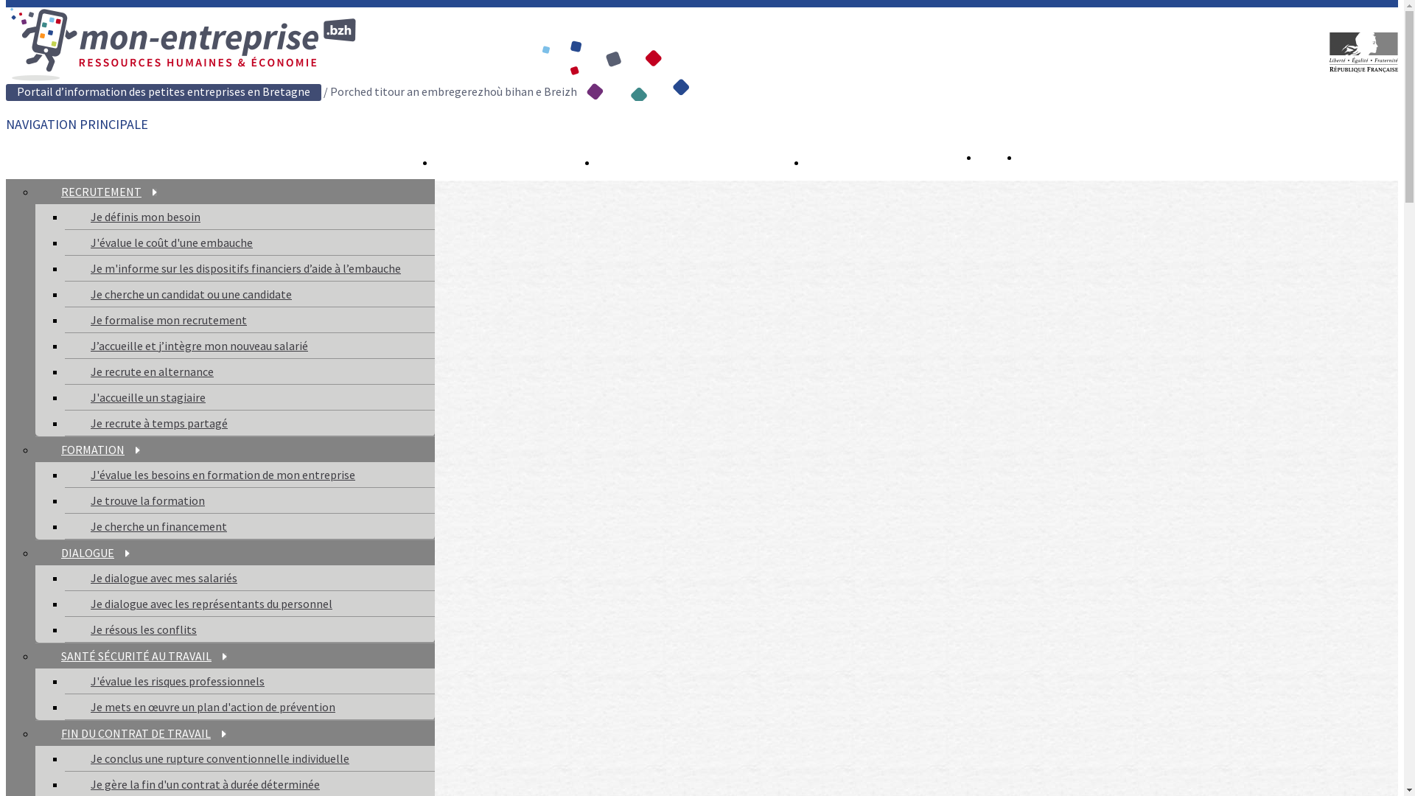 The width and height of the screenshot is (1415, 796). I want to click on 'J'accueille un stagiaire', so click(148, 397).